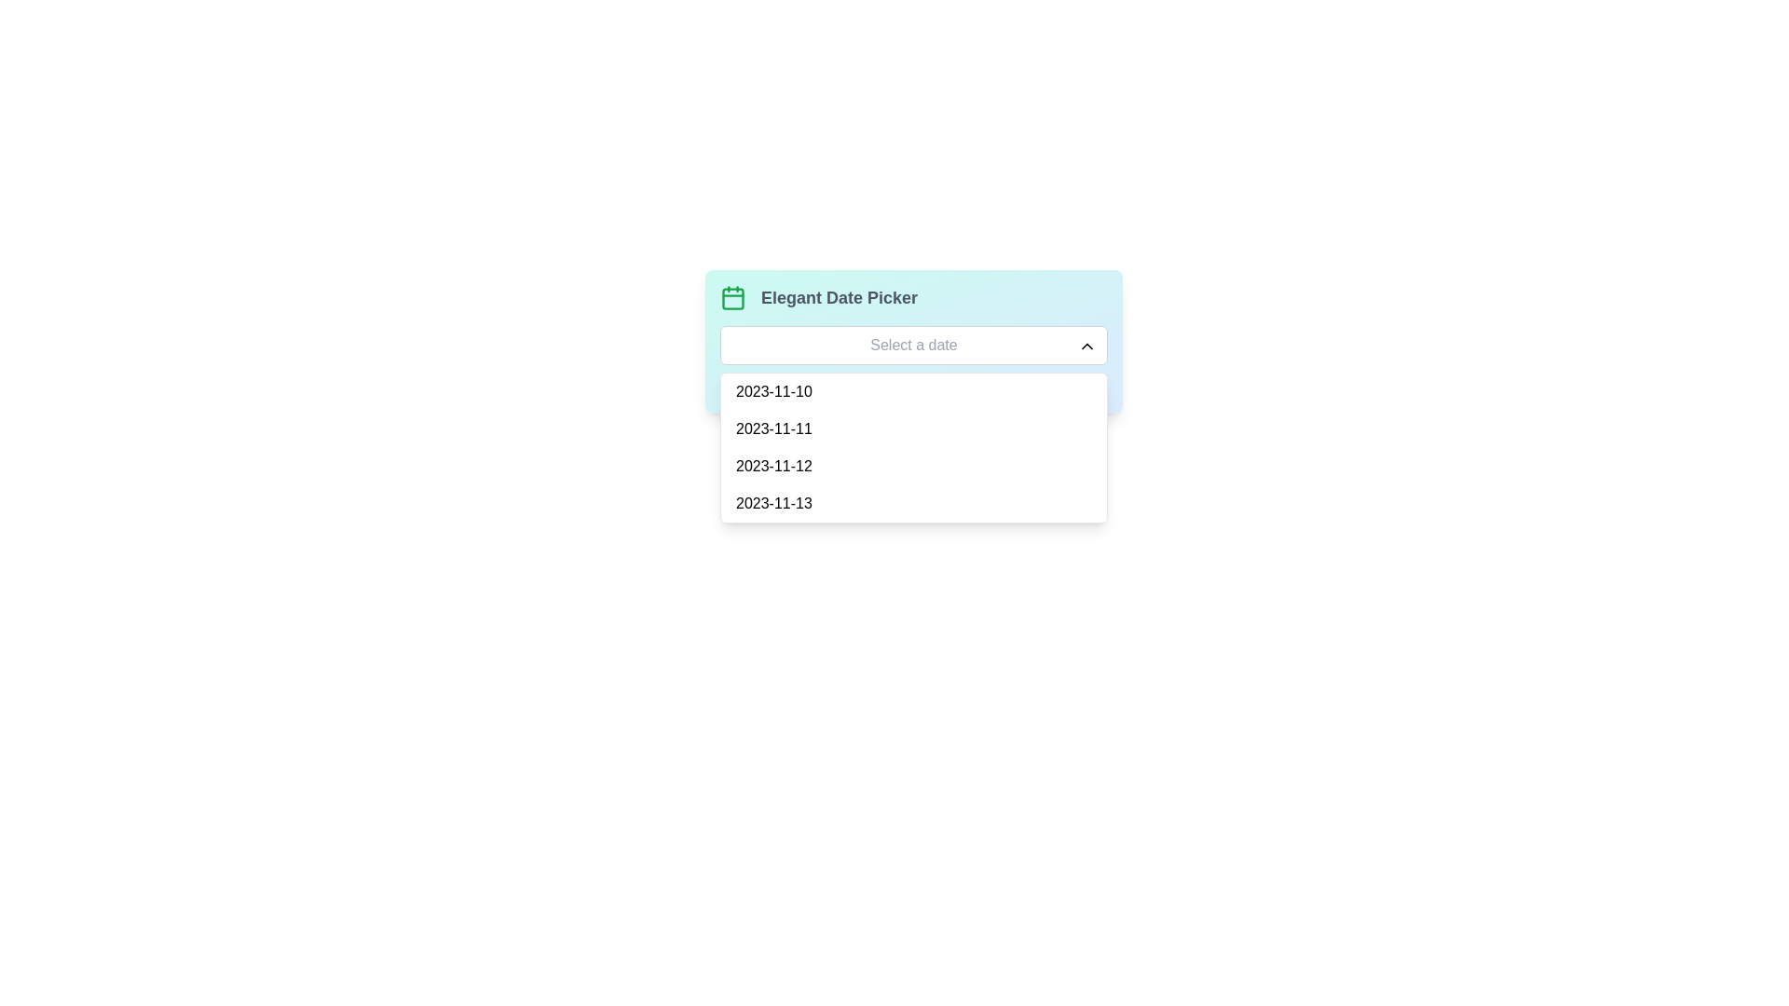 Image resolution: width=1789 pixels, height=1006 pixels. What do you see at coordinates (913, 429) in the screenshot?
I see `the second selectable list item in the dropdown menu, which displays the date '2023-11-11'` at bounding box center [913, 429].